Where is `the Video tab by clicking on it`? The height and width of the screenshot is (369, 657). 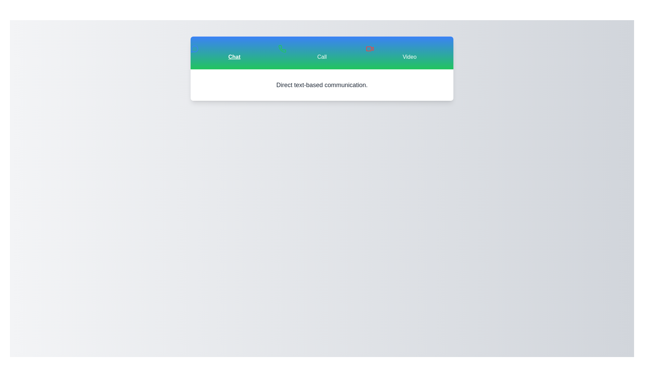 the Video tab by clicking on it is located at coordinates (409, 52).